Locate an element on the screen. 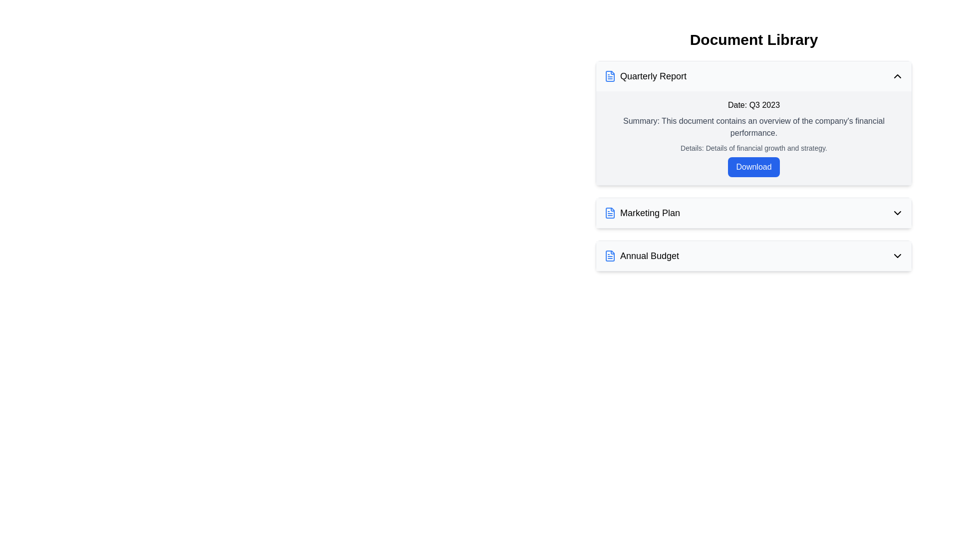 This screenshot has height=539, width=958. text label 'Annual Budget' displayed in bold font, located in the lower right section of the card-like interface, to the right of a blue document-like icon is located at coordinates (650, 256).